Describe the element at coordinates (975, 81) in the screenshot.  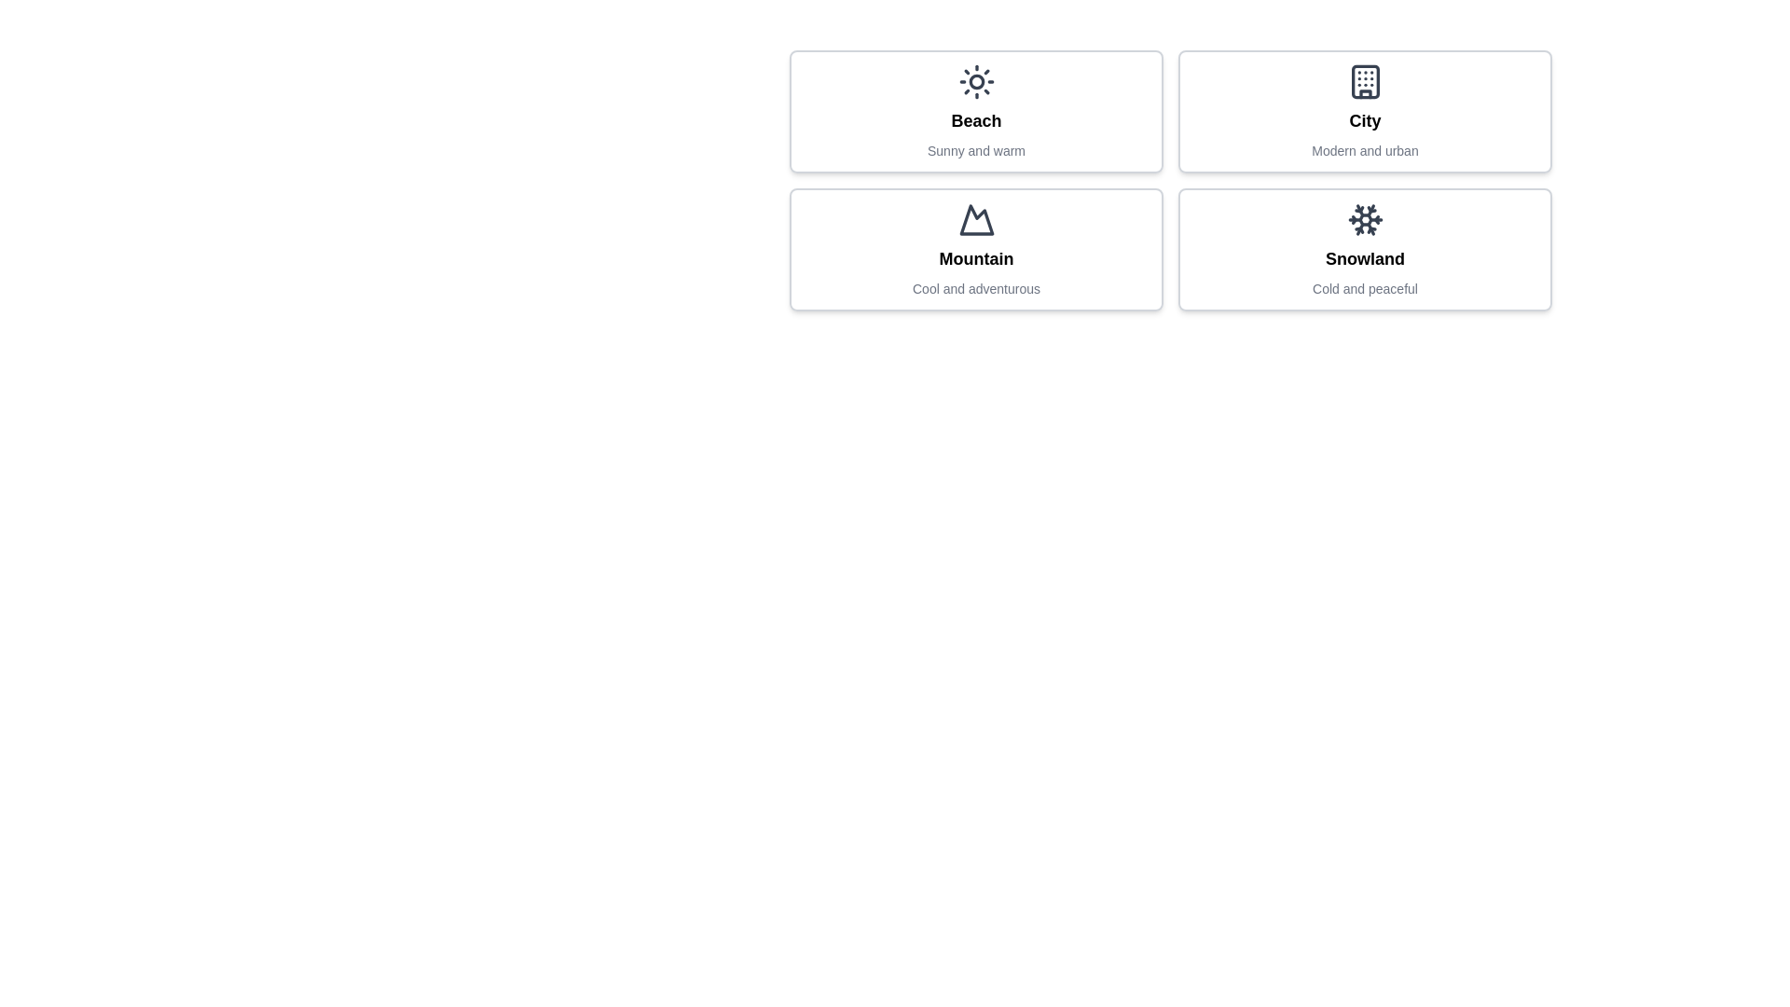
I see `the decorative SVG Circle that is part of the sun icon in the 'Beach' card located in the top-left quadrant of the layout` at that location.